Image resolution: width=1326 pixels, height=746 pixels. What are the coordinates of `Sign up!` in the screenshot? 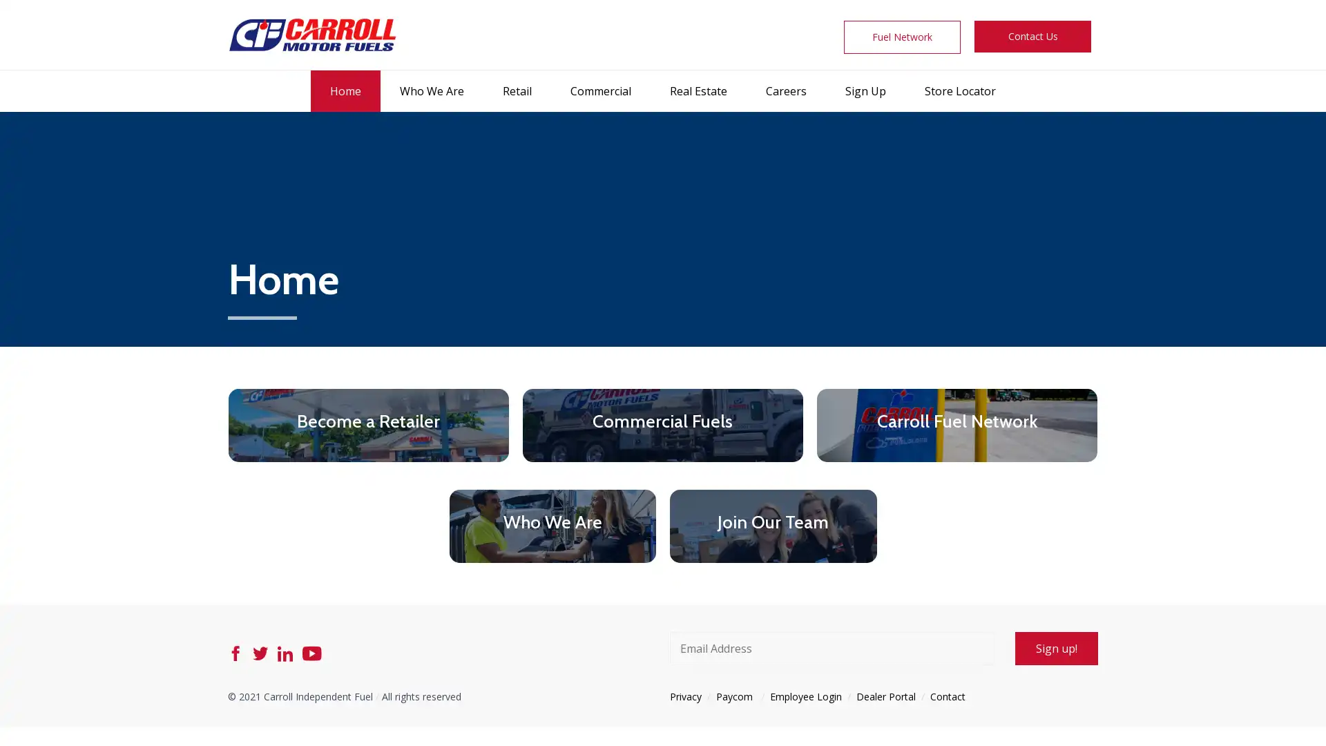 It's located at (1056, 647).